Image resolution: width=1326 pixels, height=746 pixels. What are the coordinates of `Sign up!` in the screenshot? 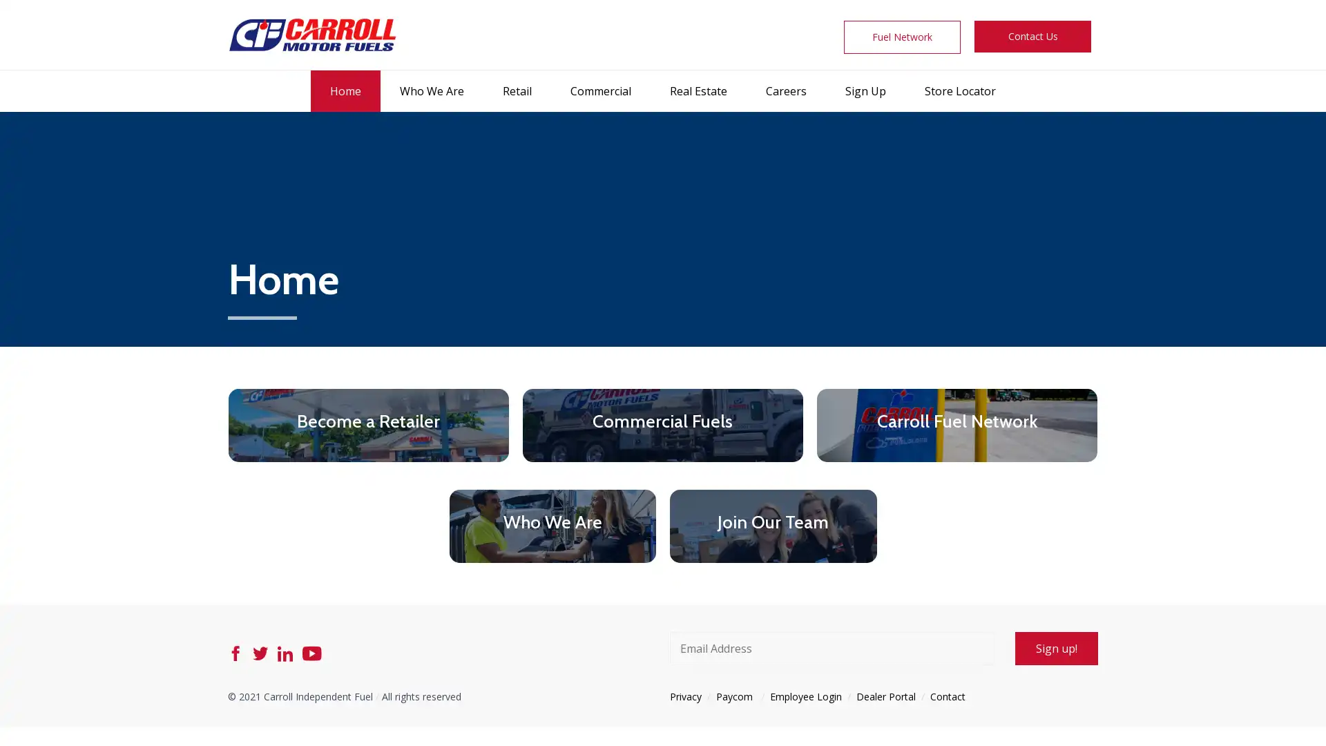 It's located at (1056, 647).